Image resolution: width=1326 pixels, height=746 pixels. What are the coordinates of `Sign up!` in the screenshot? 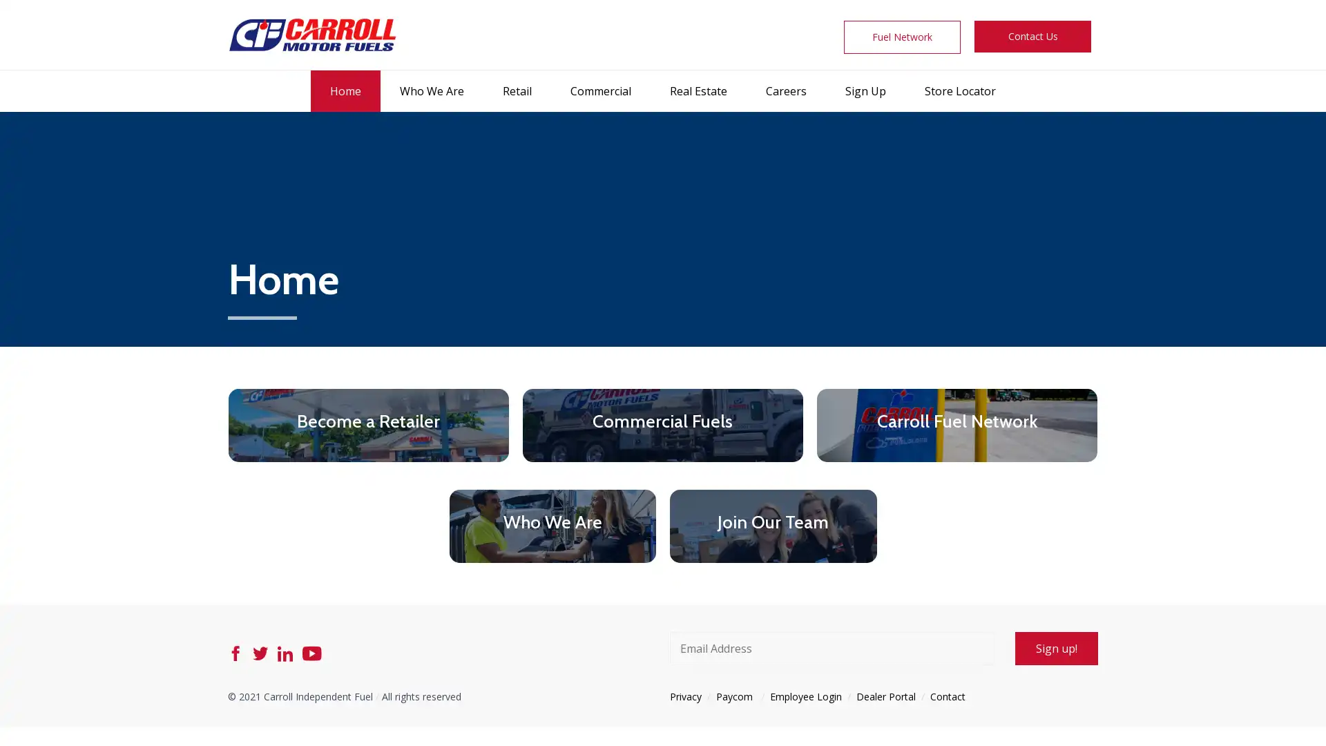 It's located at (1056, 647).